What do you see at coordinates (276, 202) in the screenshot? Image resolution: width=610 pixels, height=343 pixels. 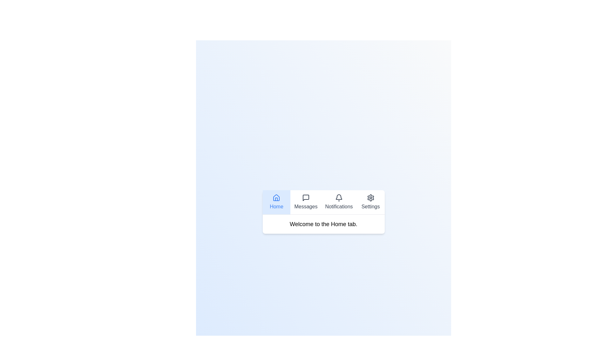 I see `the 'Home' navigation tab, which is a rectangular button with a blue house icon and the text 'Home' below it` at bounding box center [276, 202].